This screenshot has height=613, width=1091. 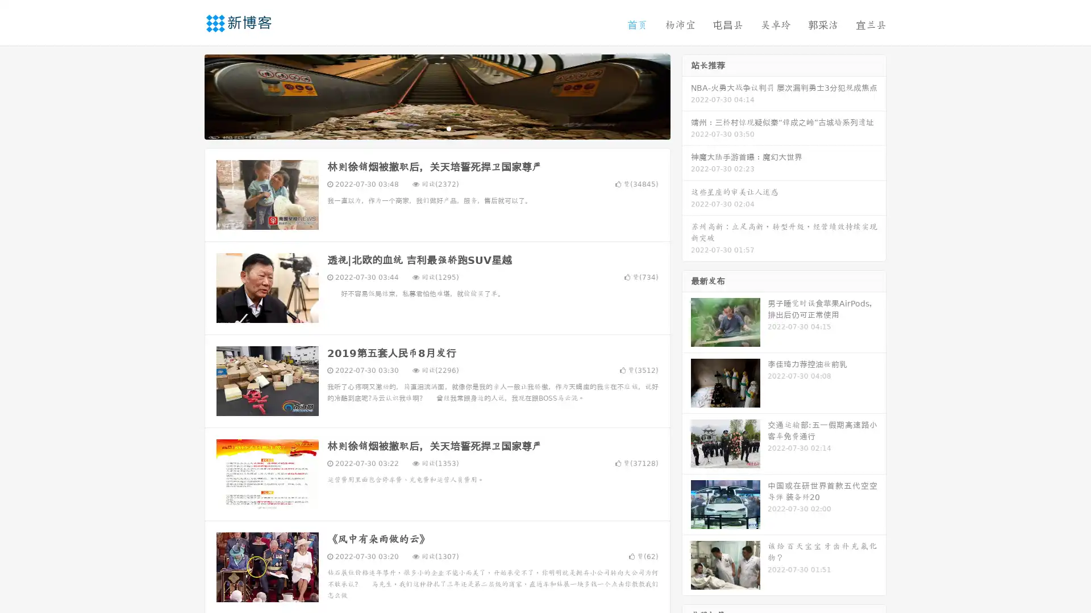 I want to click on Go to slide 1, so click(x=425, y=128).